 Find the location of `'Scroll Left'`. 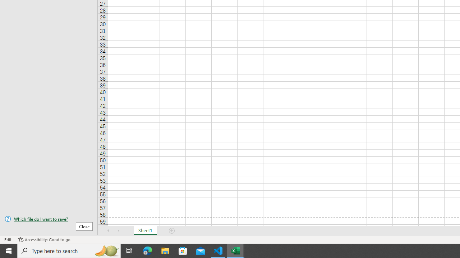

'Scroll Left' is located at coordinates (108, 231).